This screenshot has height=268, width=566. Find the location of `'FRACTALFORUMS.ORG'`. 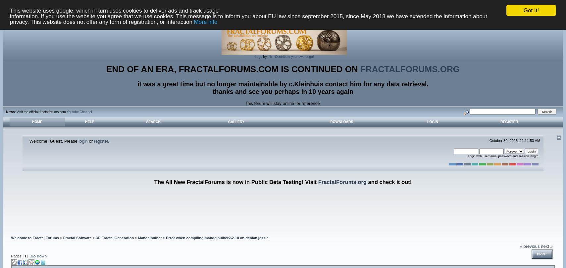

'FRACTALFORUMS.ORG' is located at coordinates (410, 68).